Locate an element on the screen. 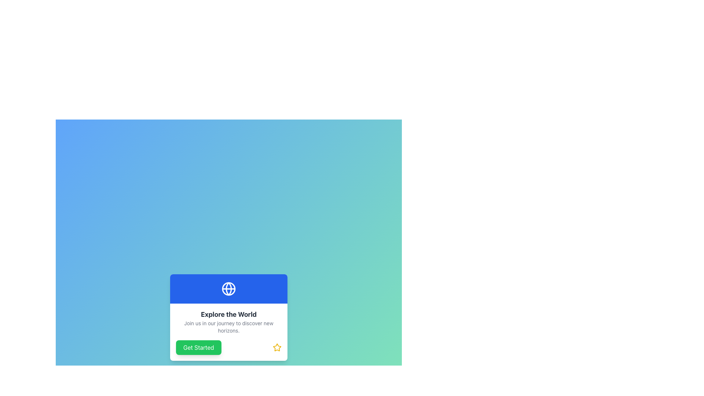  the SVG Circle element that is part of the globe icon's visual representation is located at coordinates (228, 288).